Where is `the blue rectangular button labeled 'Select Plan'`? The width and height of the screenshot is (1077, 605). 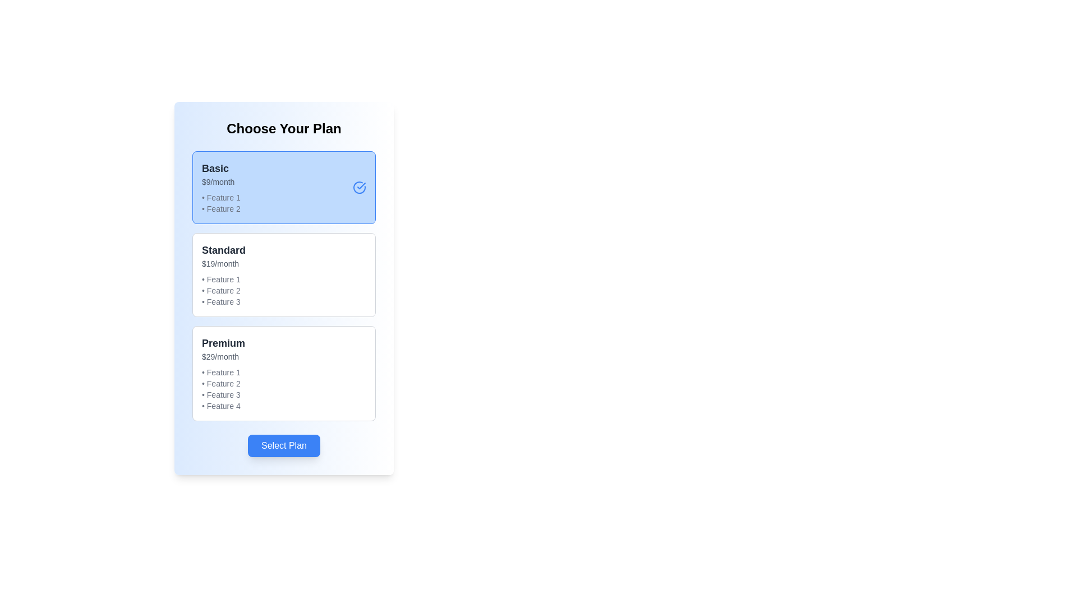
the blue rectangular button labeled 'Select Plan' is located at coordinates (284, 445).